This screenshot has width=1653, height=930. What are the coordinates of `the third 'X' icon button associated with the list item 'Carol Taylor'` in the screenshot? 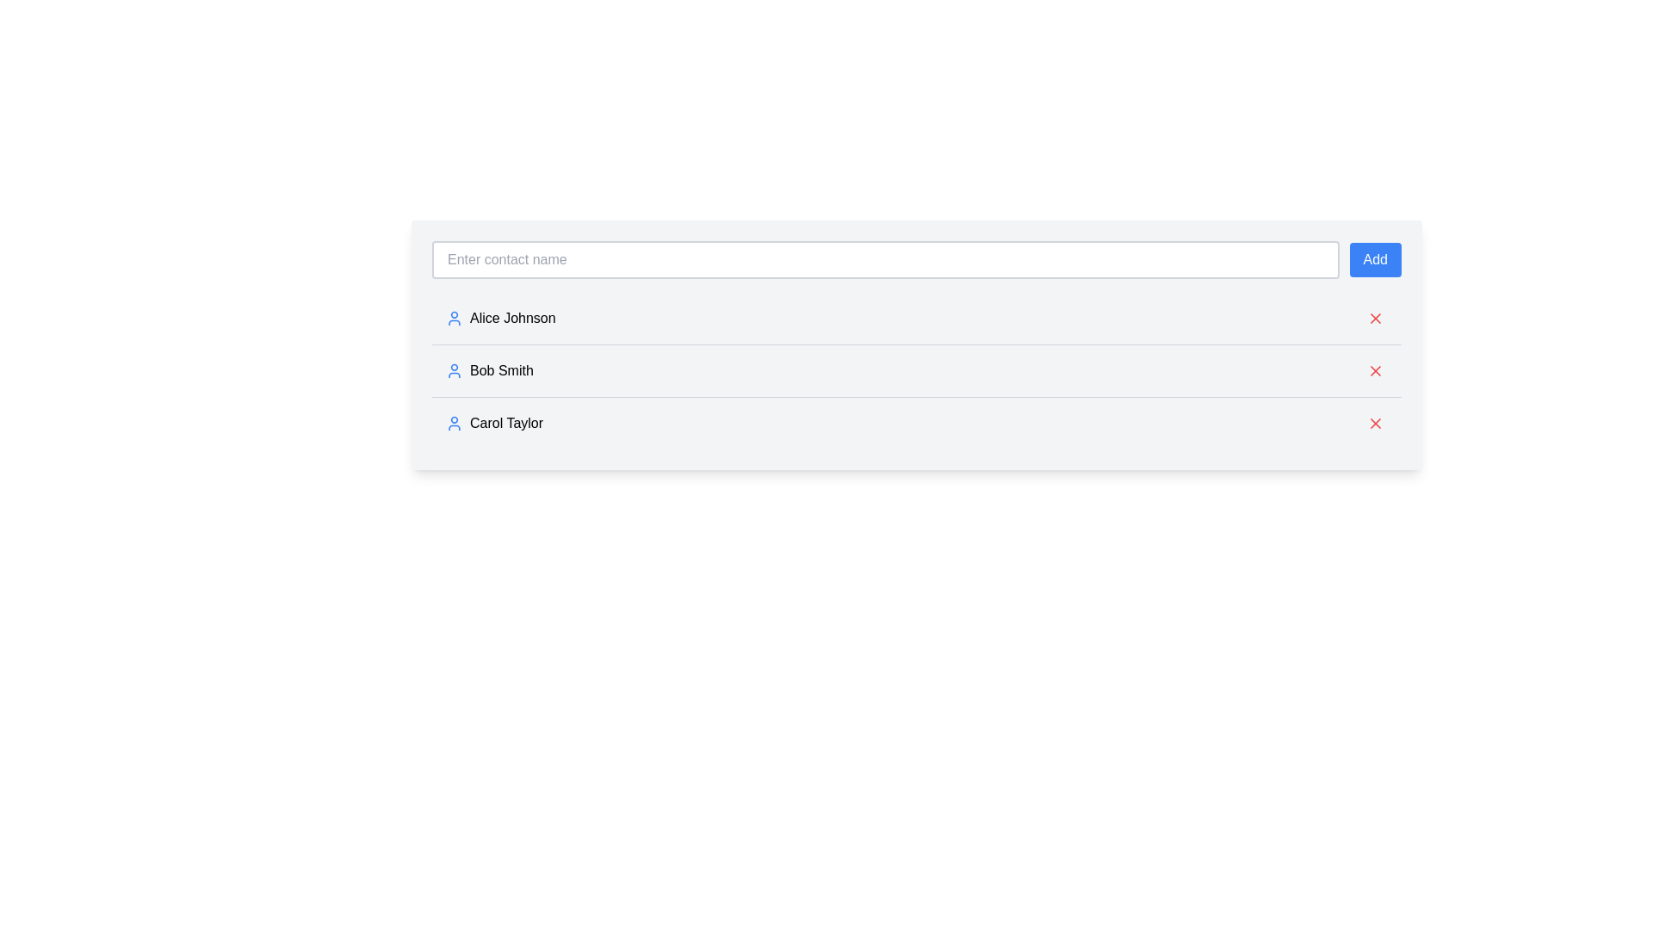 It's located at (1375, 424).